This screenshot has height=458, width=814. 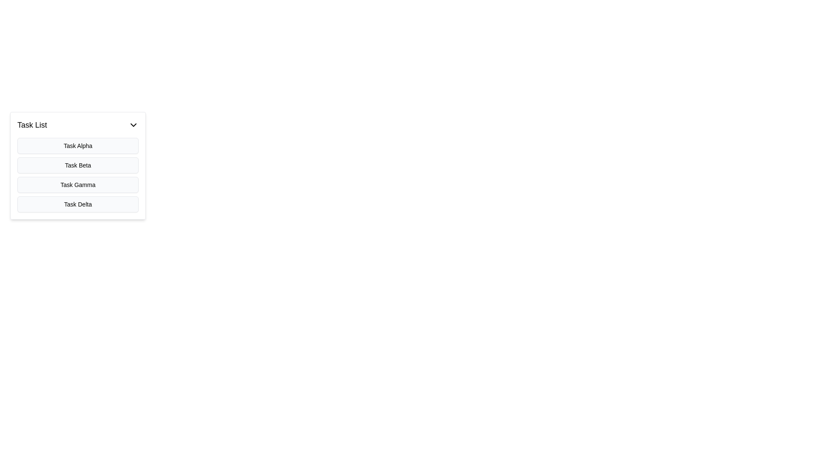 What do you see at coordinates (78, 204) in the screenshot?
I see `the list item representing 'Task Delta', located at the fourth position in the 'Task List'` at bounding box center [78, 204].